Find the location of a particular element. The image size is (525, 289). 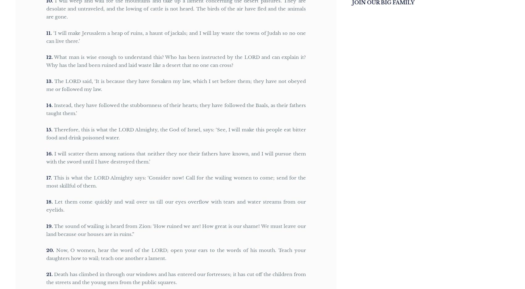

'The LORD said, ‘It is because they have forsaken my law, which I set before them; they have not obeyed me or followed my law.' is located at coordinates (176, 85).